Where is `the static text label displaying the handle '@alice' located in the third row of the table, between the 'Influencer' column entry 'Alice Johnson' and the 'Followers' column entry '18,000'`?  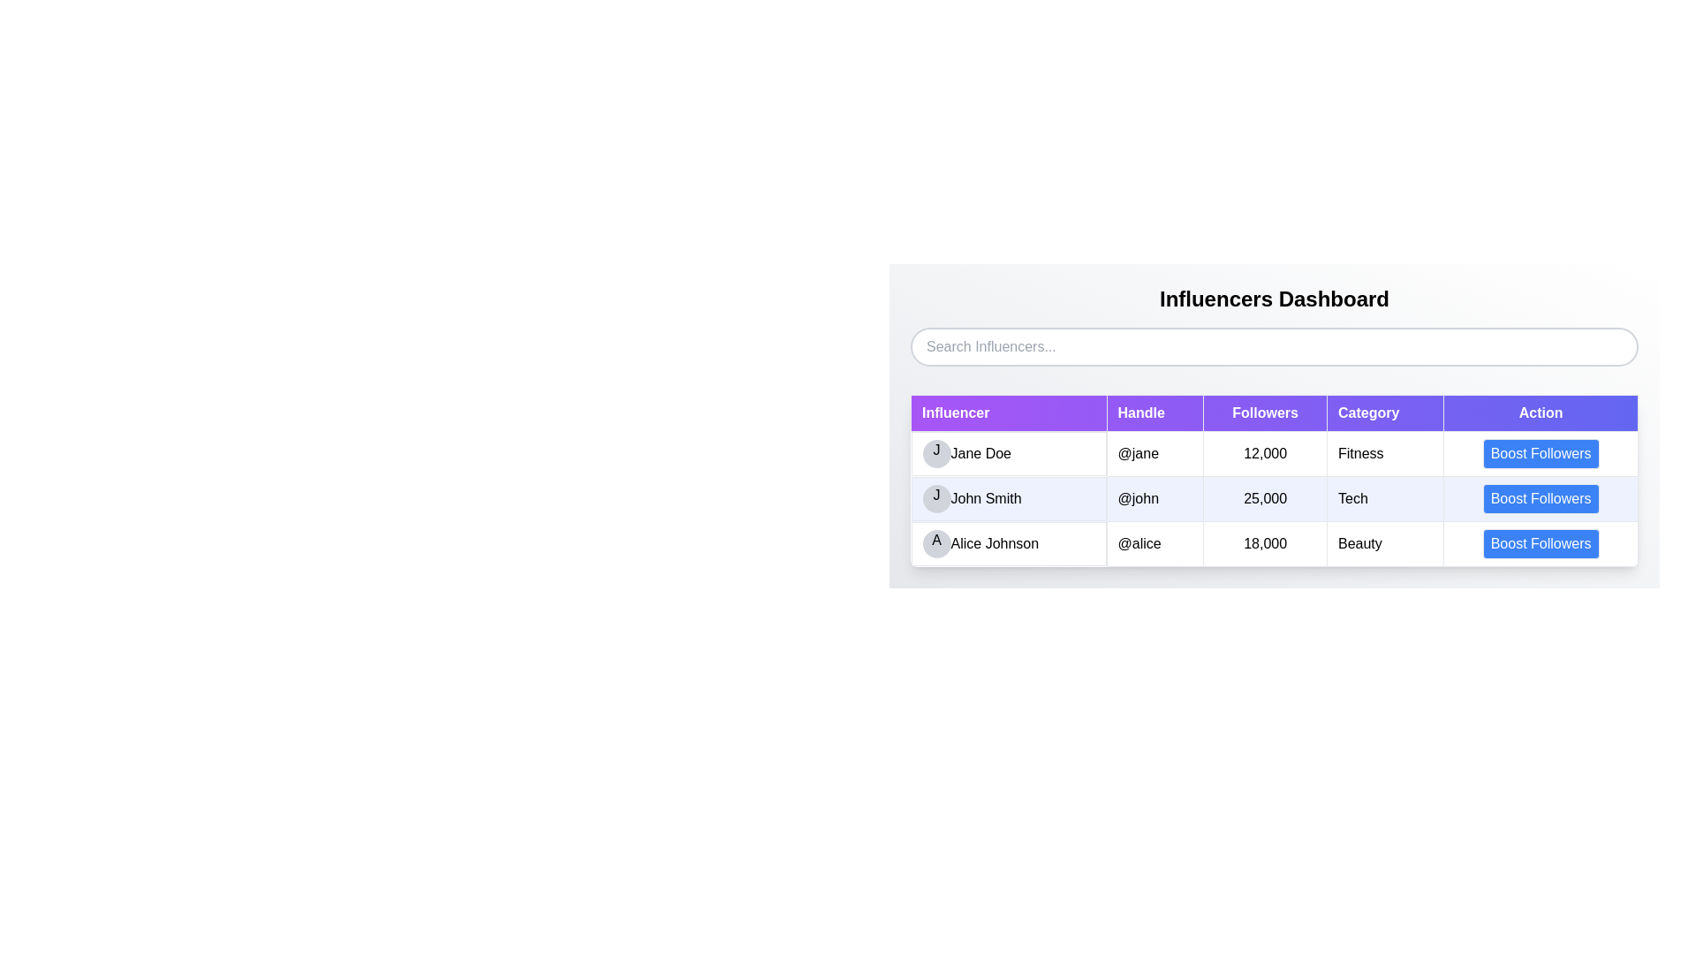
the static text label displaying the handle '@alice' located in the third row of the table, between the 'Influencer' column entry 'Alice Johnson' and the 'Followers' column entry '18,000' is located at coordinates (1155, 543).